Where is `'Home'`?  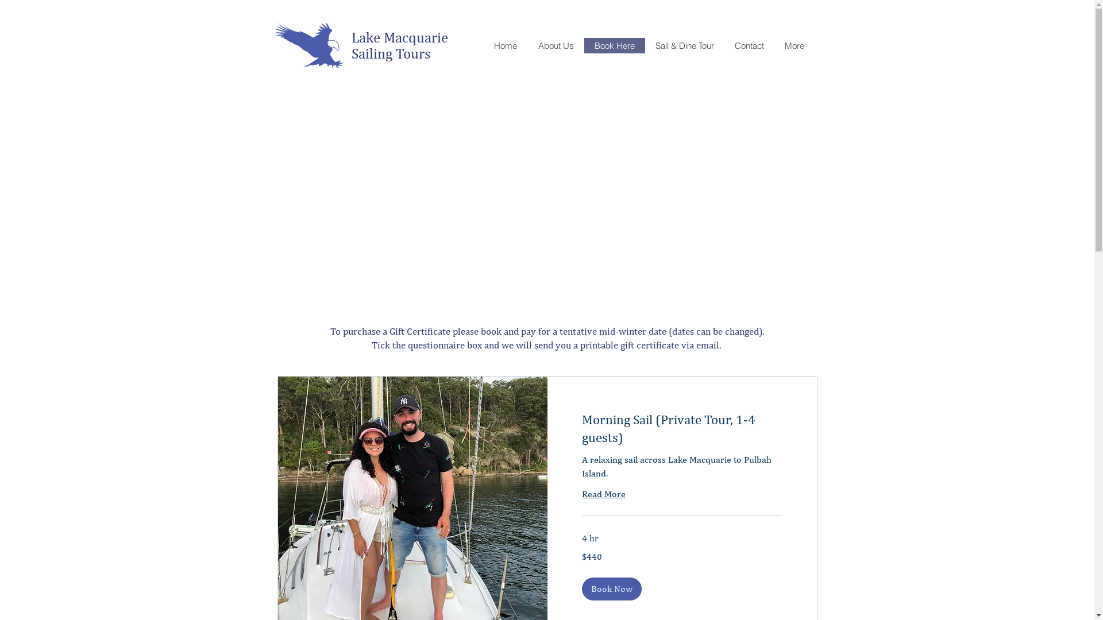
'Home' is located at coordinates (505, 45).